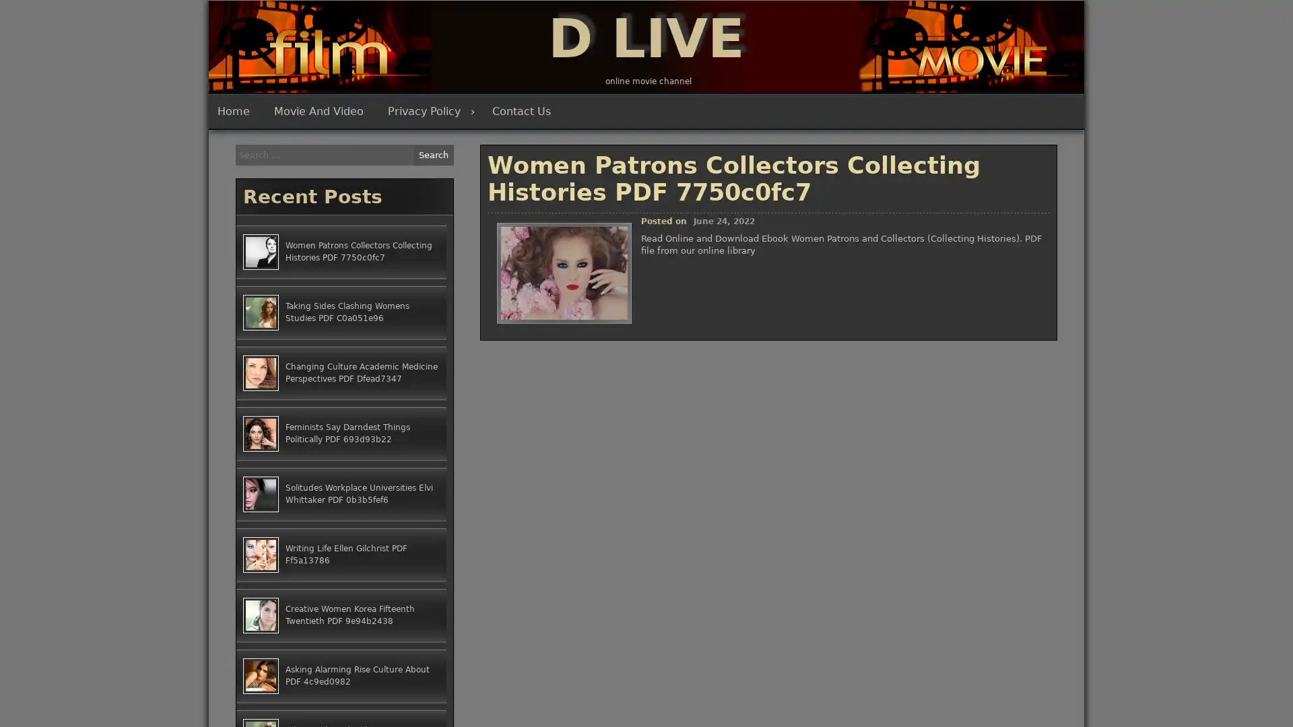 The image size is (1293, 727). What do you see at coordinates (433, 154) in the screenshot?
I see `Search` at bounding box center [433, 154].